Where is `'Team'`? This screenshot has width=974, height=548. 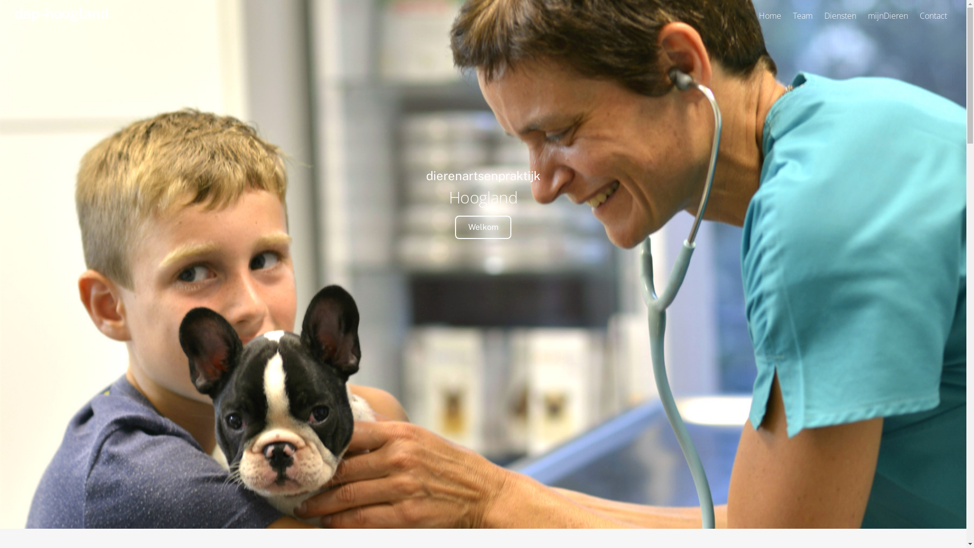
'Team' is located at coordinates (802, 15).